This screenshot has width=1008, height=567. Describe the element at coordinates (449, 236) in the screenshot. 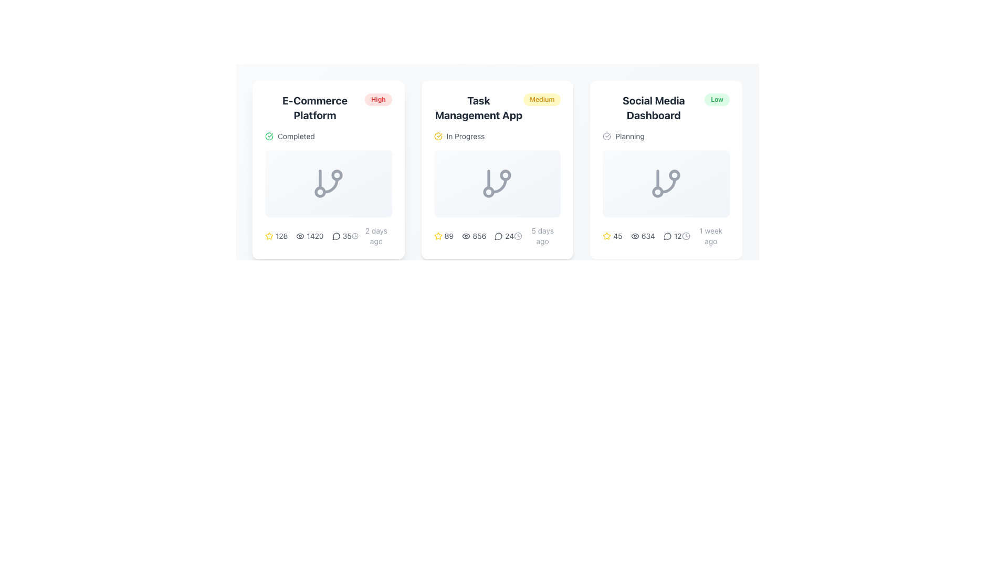

I see `the context of the numeric value '89' displayed in the text element located centrally beneath the 'Task Management App' label` at that location.